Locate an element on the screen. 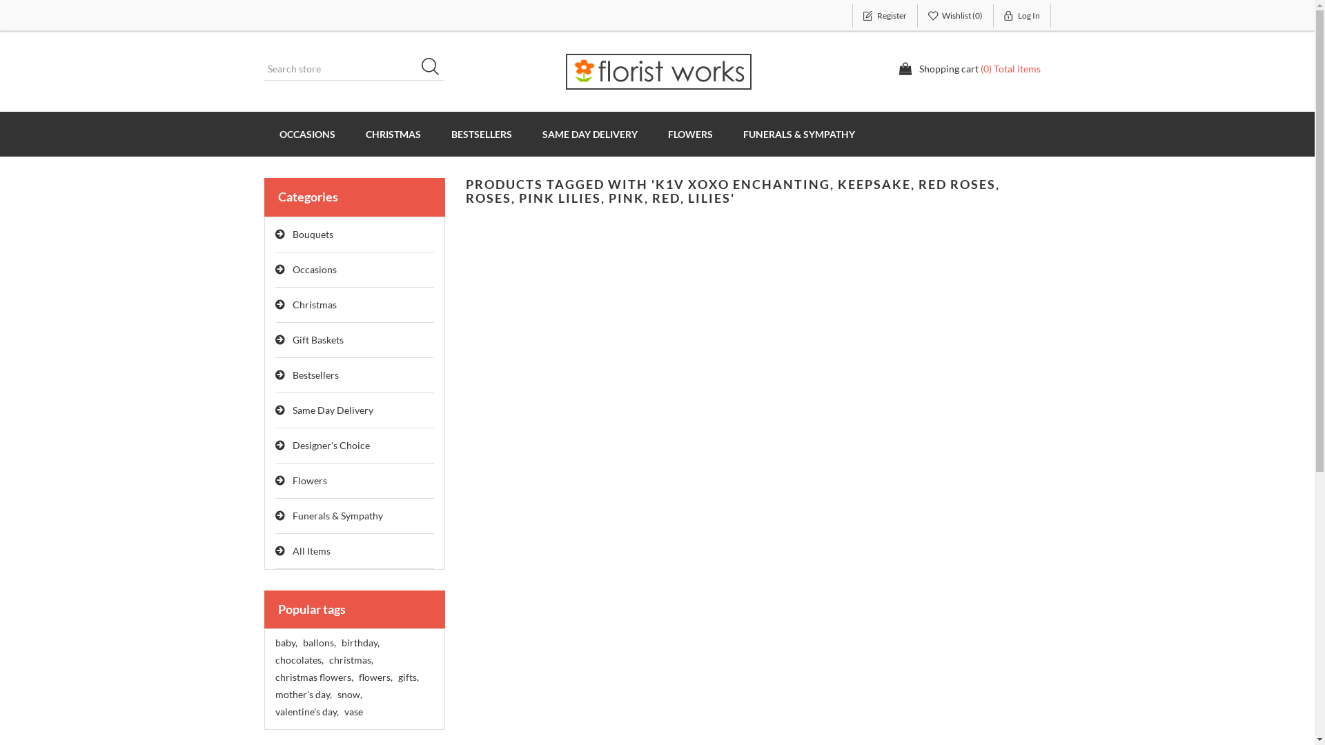 This screenshot has width=1325, height=745. 'Funerals & Sympathy' is located at coordinates (354, 516).